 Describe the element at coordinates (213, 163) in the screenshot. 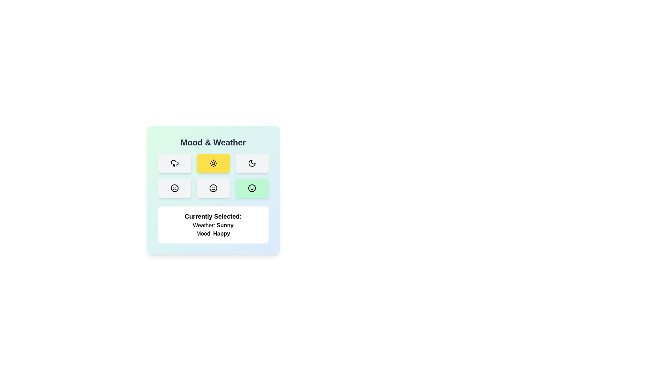

I see `the 'Sunny' weather selection button located in the top row of the middle column of the grid` at that location.